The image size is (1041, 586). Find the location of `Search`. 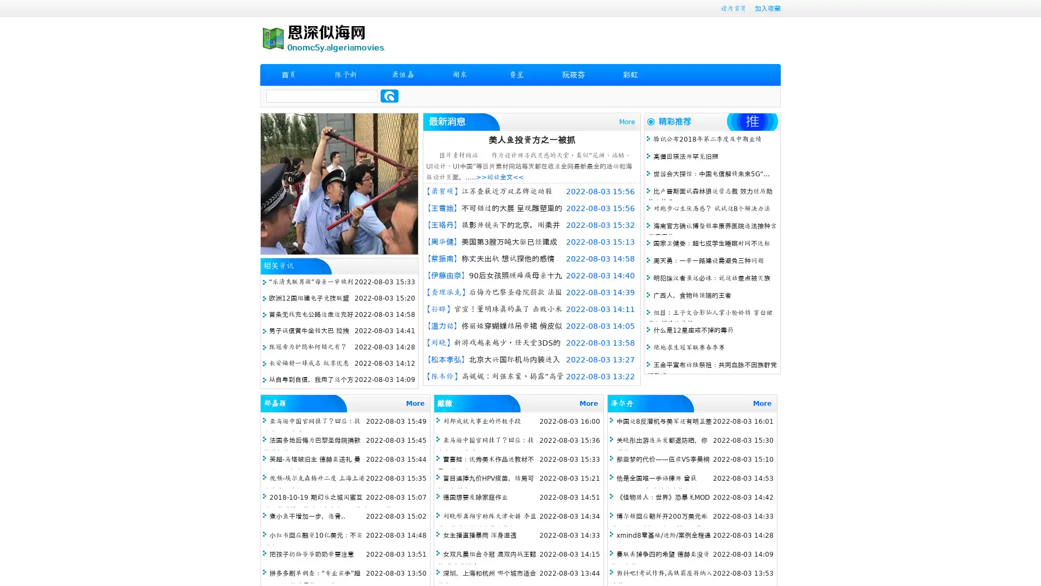

Search is located at coordinates (389, 95).